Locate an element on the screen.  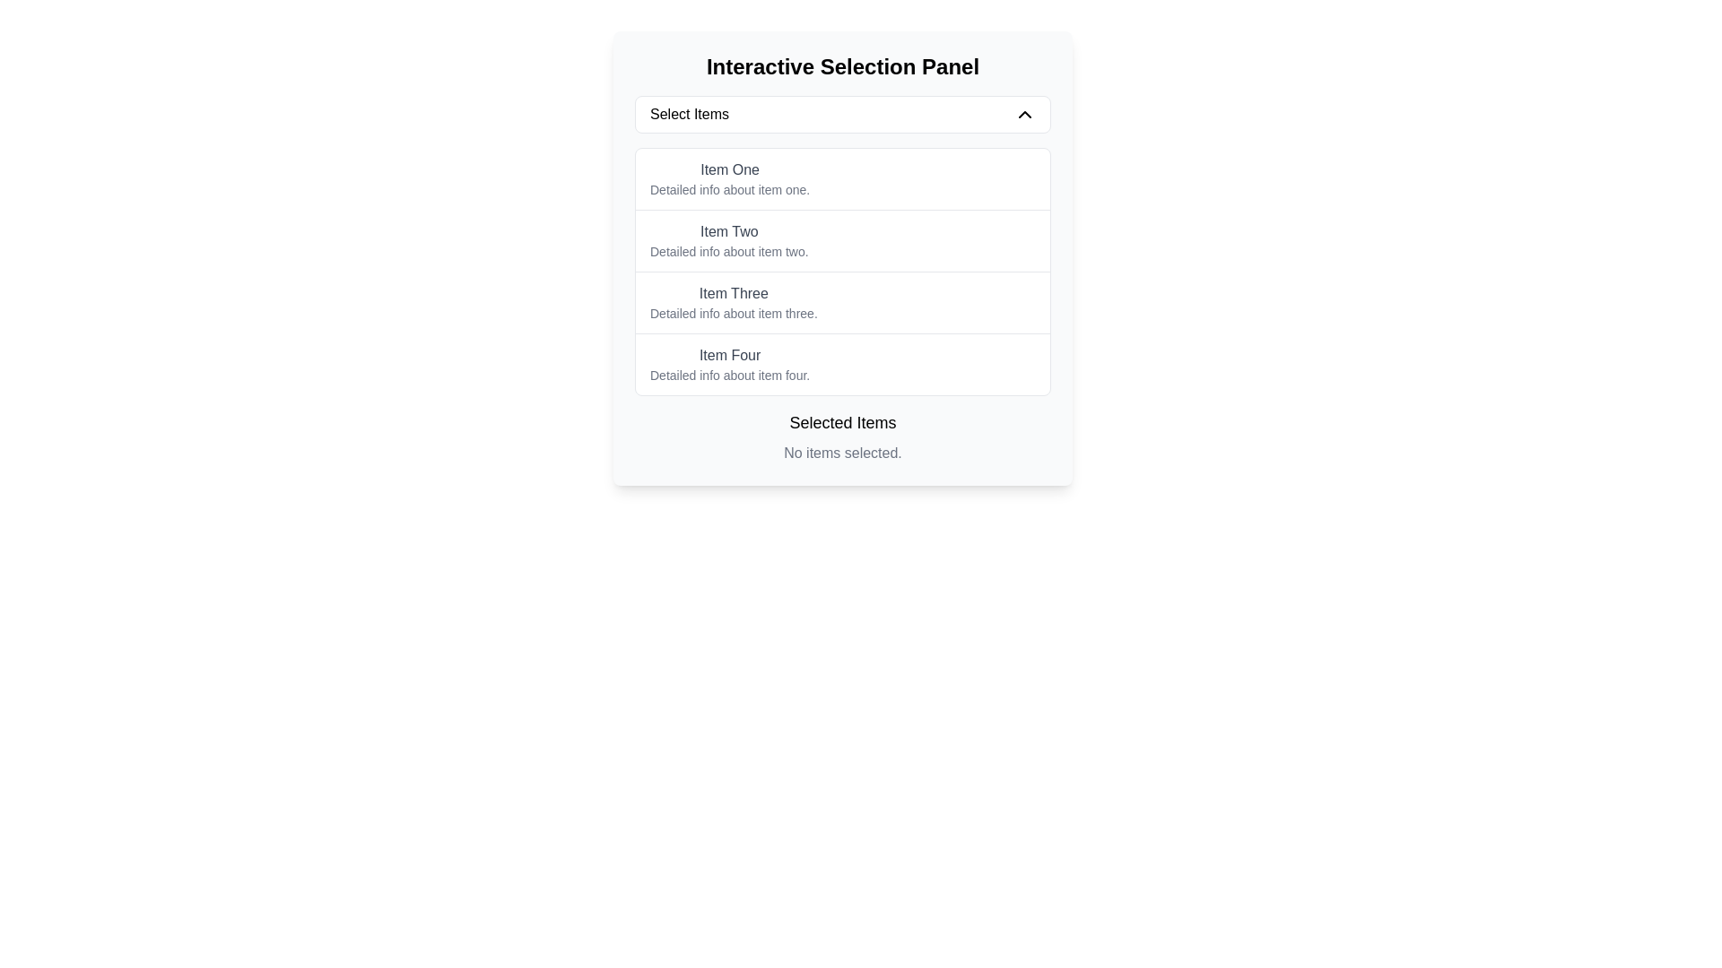
the third list item, which displays a title and description is located at coordinates (842, 301).